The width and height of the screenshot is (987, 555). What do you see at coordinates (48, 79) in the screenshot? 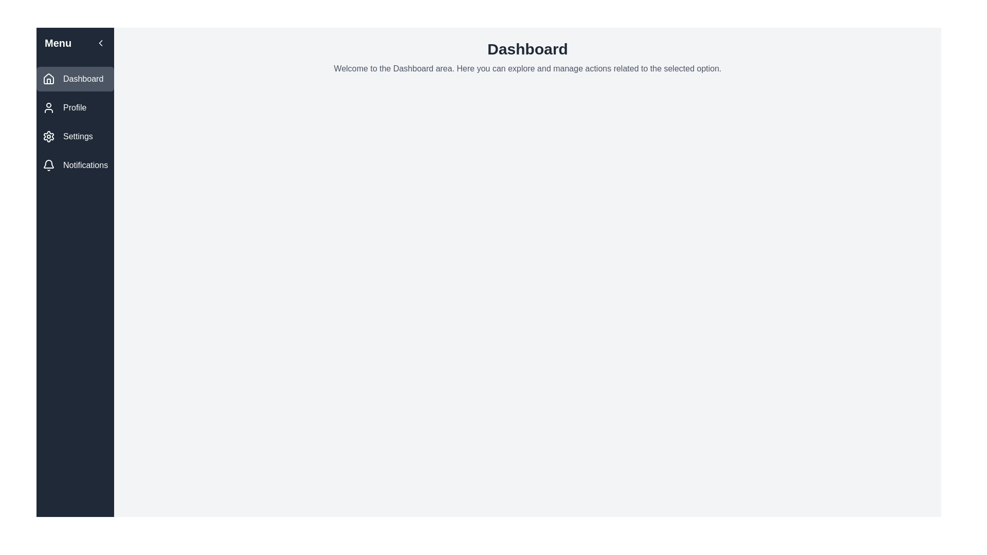
I see `the 'Dashboard' icon located in the vertical sidebar menu to the left of the text 'Dashboard'` at bounding box center [48, 79].